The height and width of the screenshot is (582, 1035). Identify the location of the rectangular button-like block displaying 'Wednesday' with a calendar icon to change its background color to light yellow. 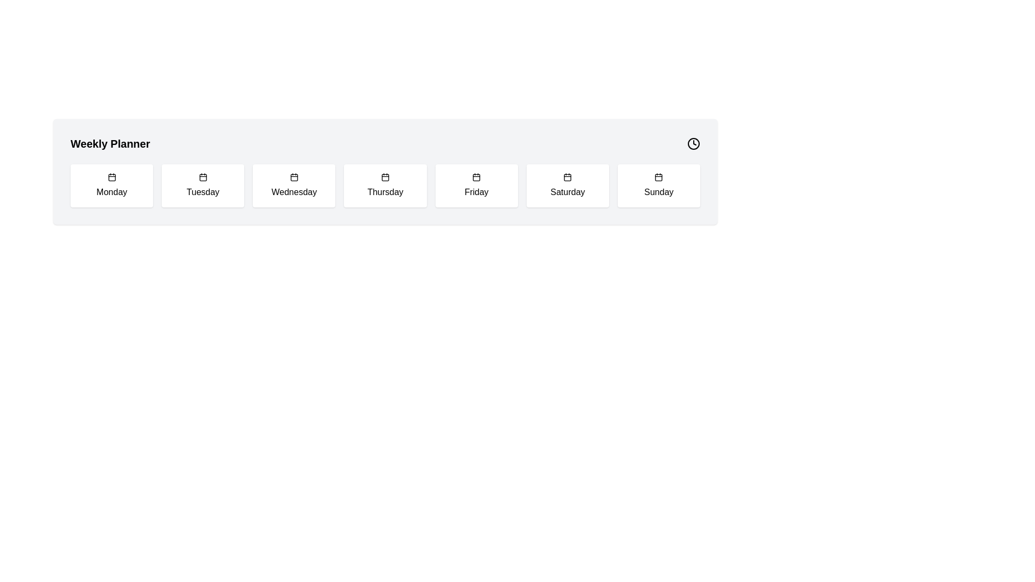
(294, 185).